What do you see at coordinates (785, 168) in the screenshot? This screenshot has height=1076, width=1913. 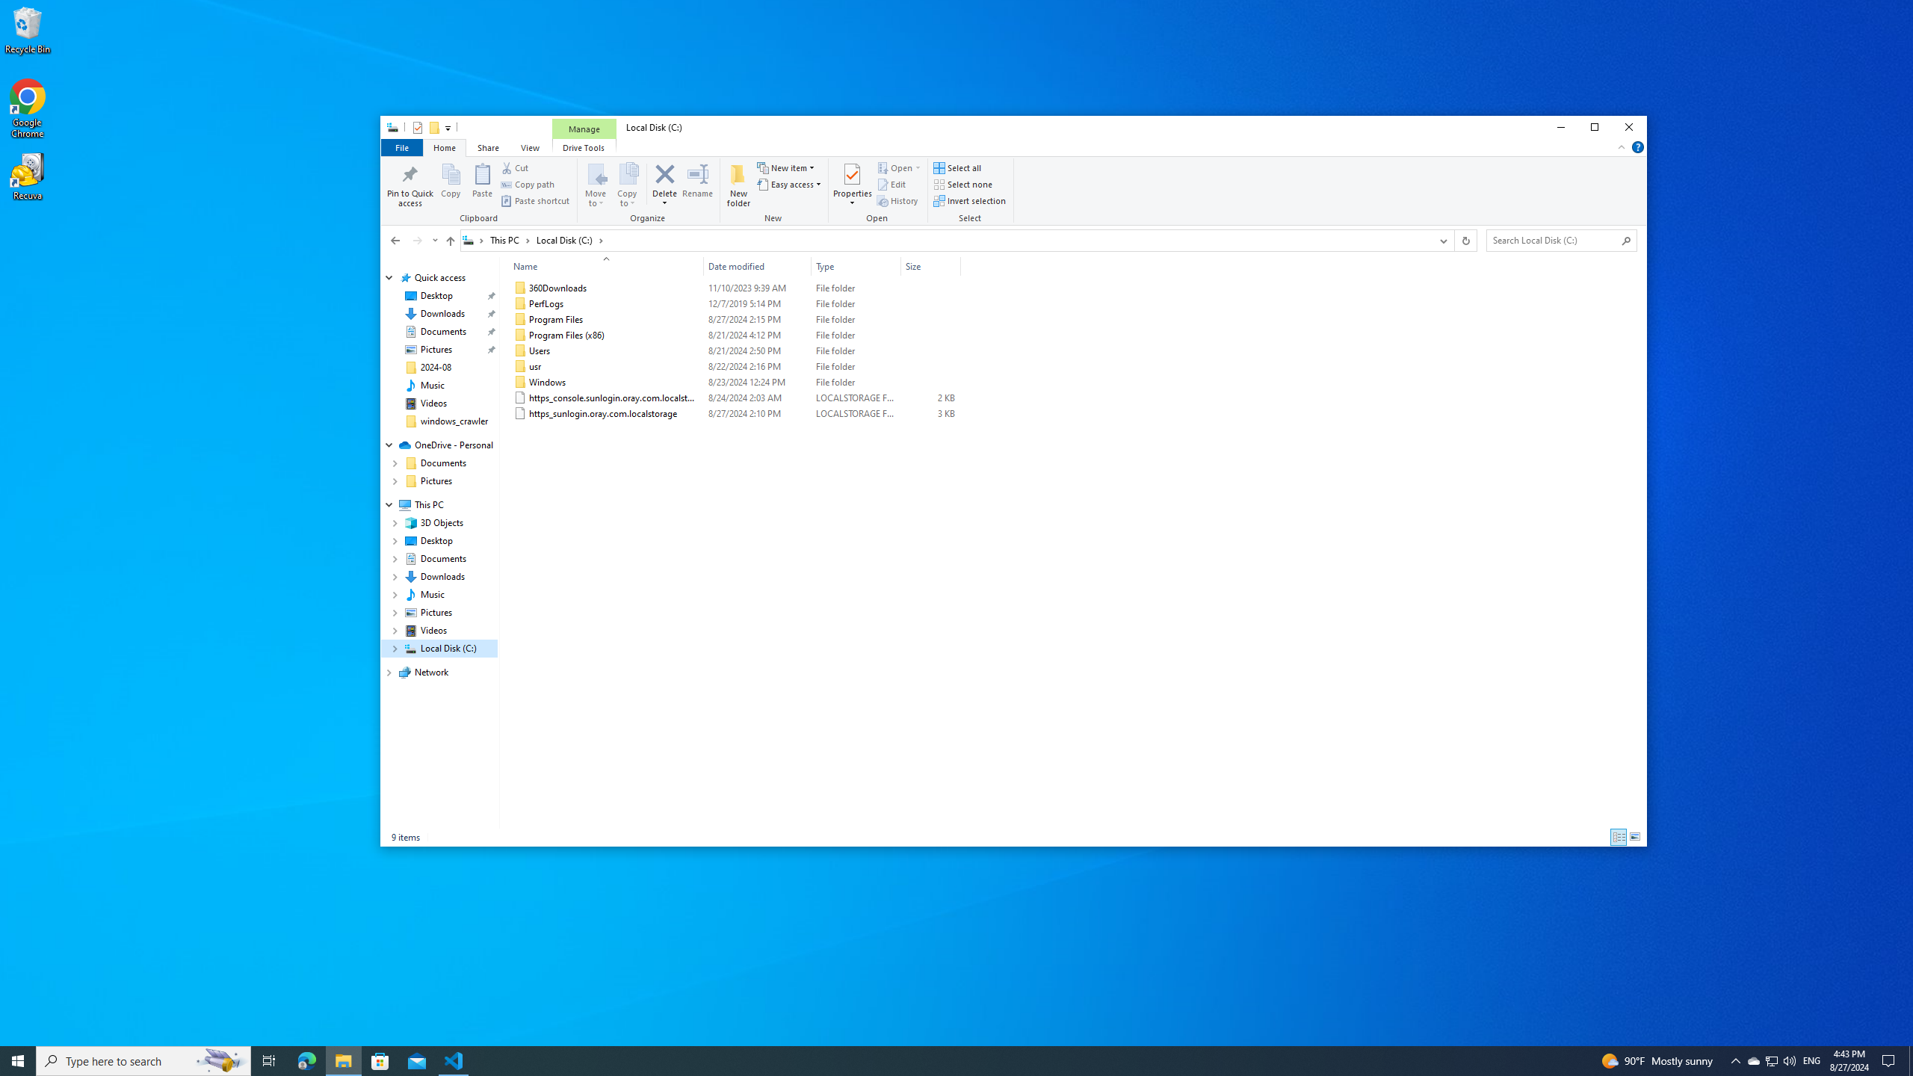 I see `'New item'` at bounding box center [785, 168].